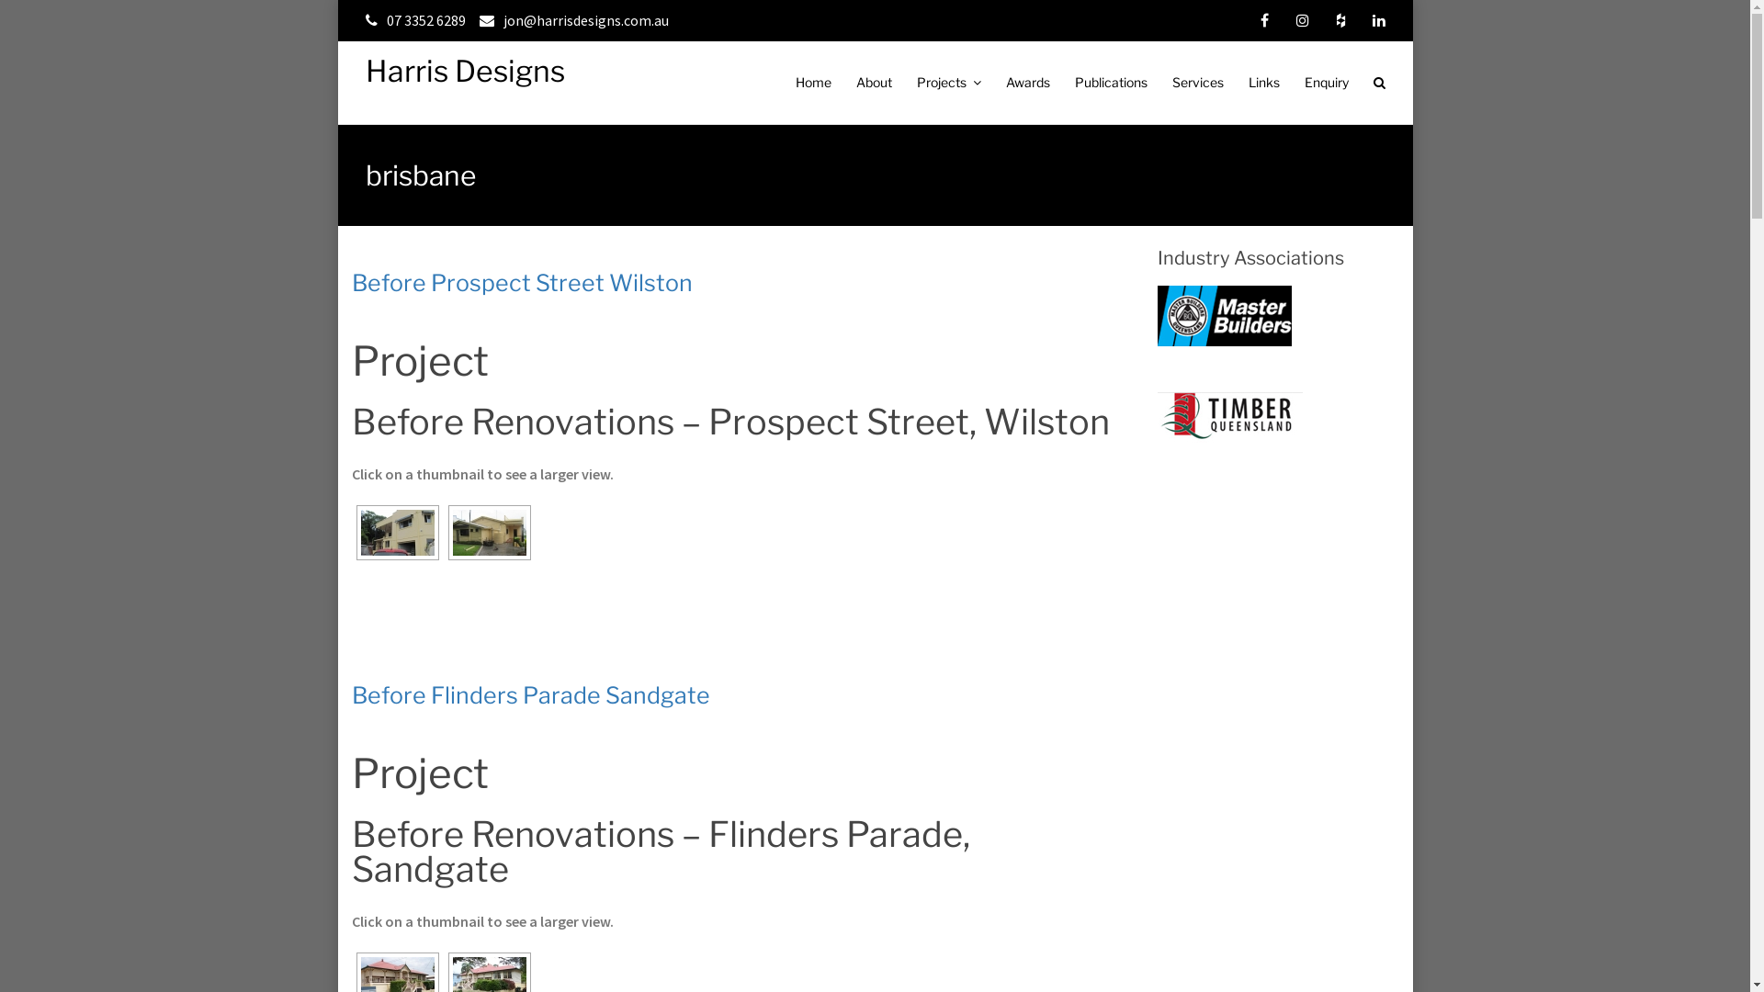 The height and width of the screenshot is (992, 1764). I want to click on 'About', so click(873, 81).